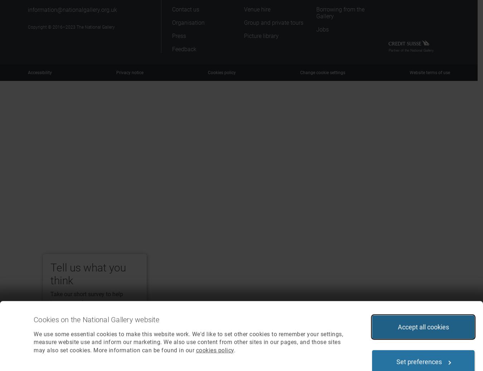  What do you see at coordinates (178, 36) in the screenshot?
I see `'Press'` at bounding box center [178, 36].